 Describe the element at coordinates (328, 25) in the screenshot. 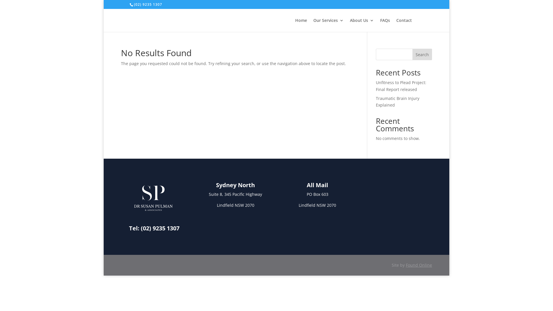

I see `'Our Services'` at that location.